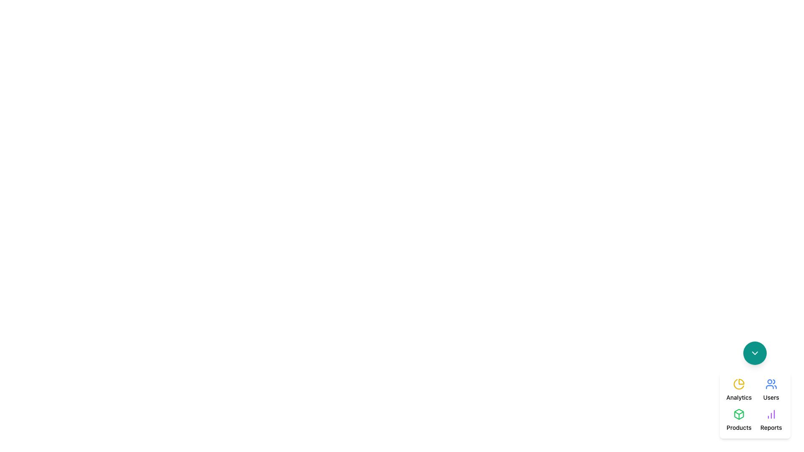 The image size is (804, 452). What do you see at coordinates (739, 414) in the screenshot?
I see `the small green-bordered cube icon located next to the 'Products' text label in the menu` at bounding box center [739, 414].